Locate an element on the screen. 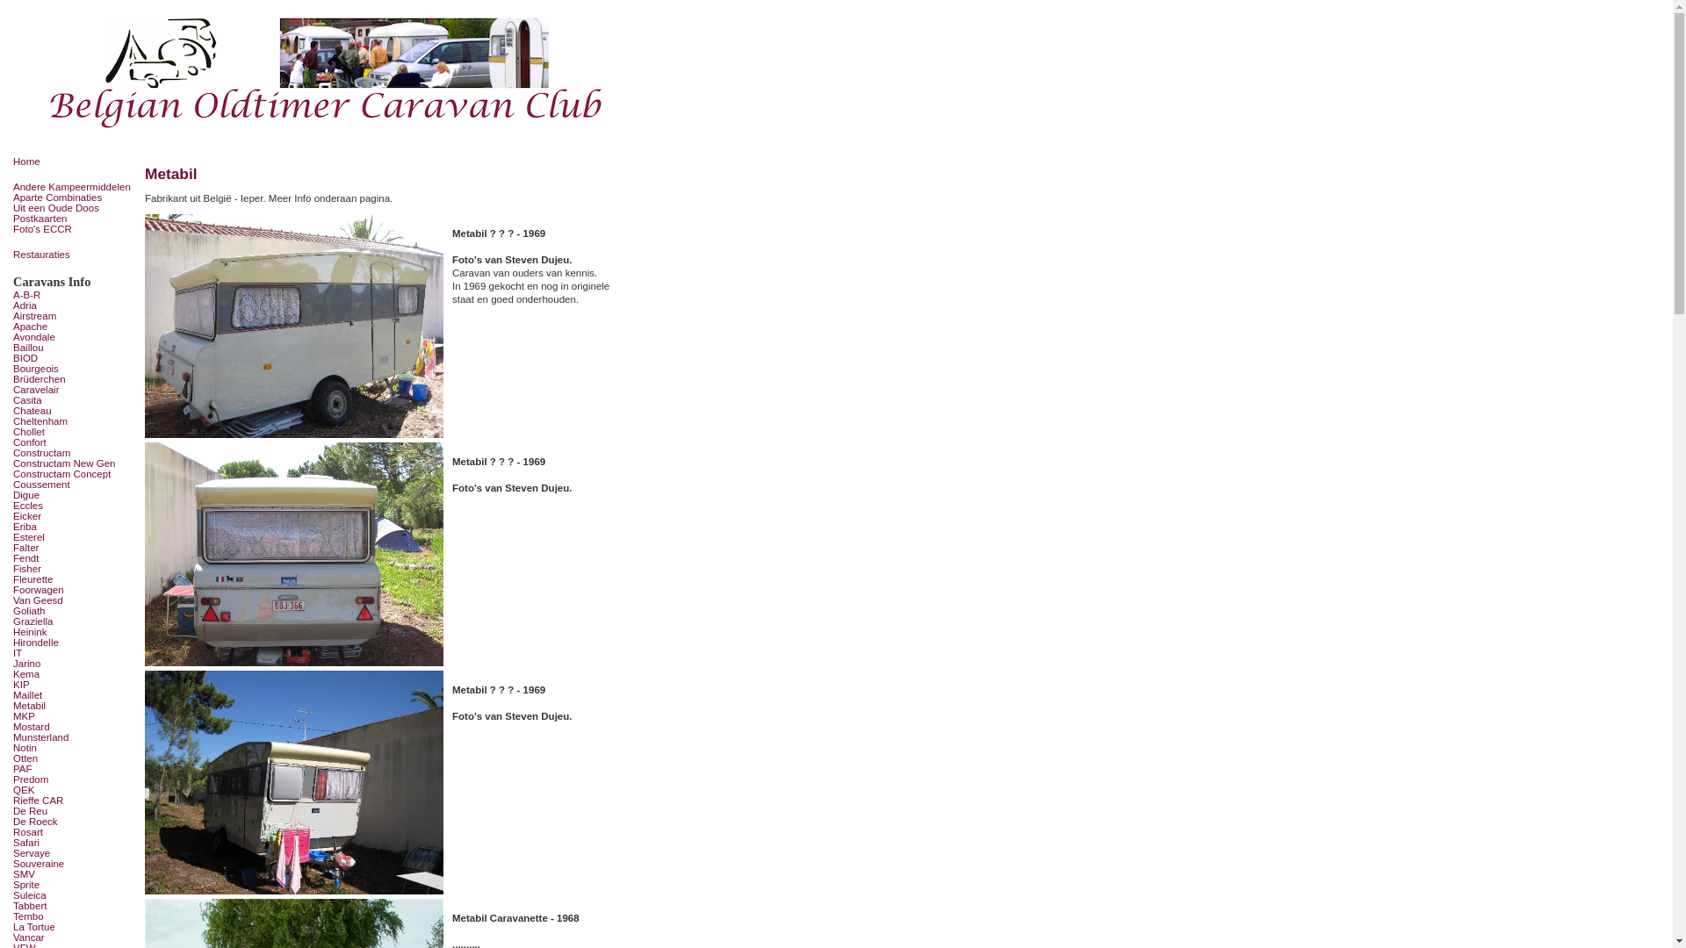  'KIP' is located at coordinates (74, 683).